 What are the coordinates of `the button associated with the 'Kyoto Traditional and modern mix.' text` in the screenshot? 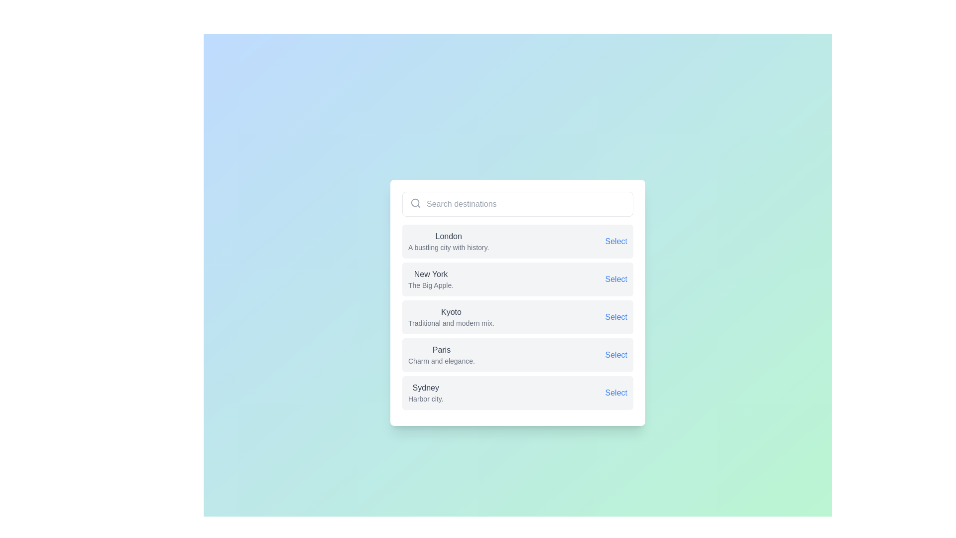 It's located at (615, 317).